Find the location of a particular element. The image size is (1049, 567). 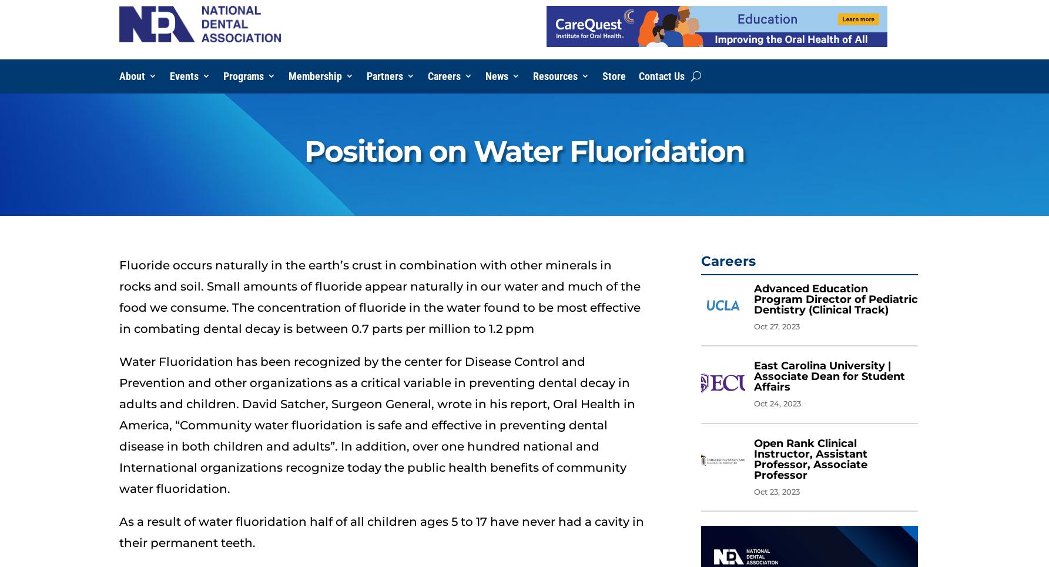

'2023 Convention Schedule' is located at coordinates (365, 122).